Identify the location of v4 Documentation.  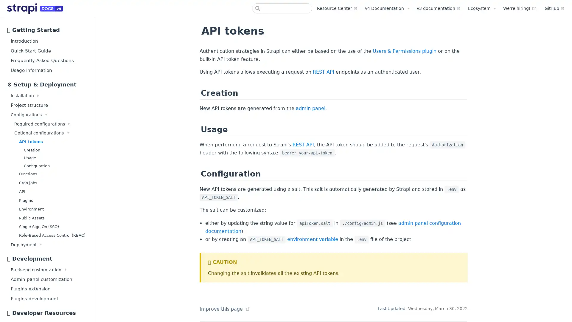
(387, 8).